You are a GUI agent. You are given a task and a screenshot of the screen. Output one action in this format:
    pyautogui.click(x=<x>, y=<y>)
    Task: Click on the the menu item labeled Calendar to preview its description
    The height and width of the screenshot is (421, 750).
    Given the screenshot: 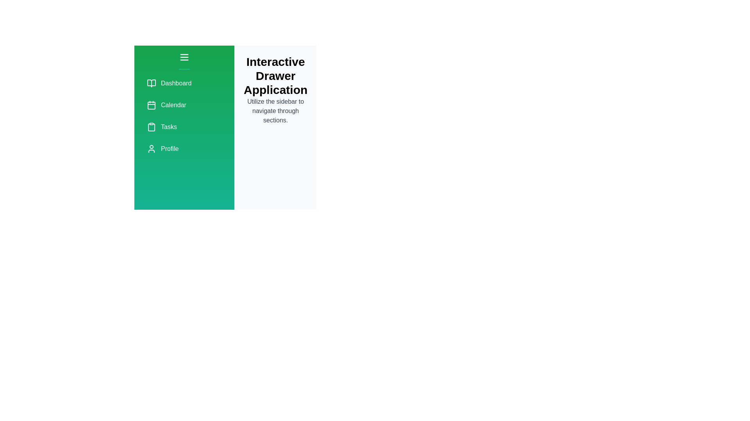 What is the action you would take?
    pyautogui.click(x=184, y=105)
    